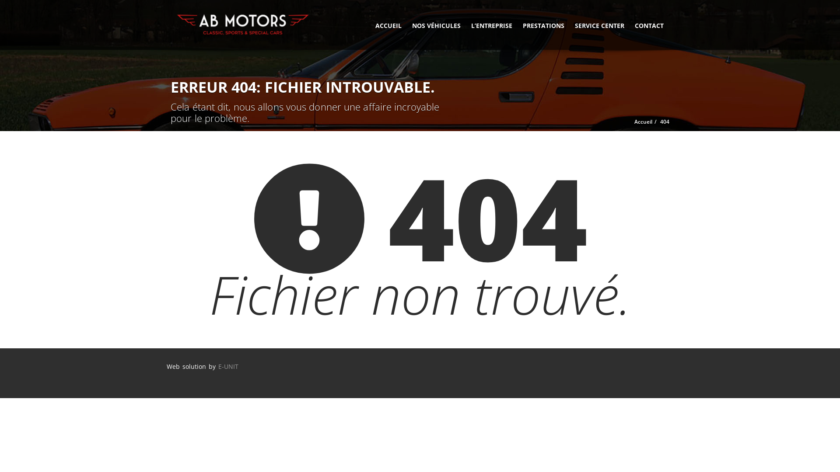 The height and width of the screenshot is (472, 840). Describe the element at coordinates (388, 24) in the screenshot. I see `'ACCUEIL'` at that location.